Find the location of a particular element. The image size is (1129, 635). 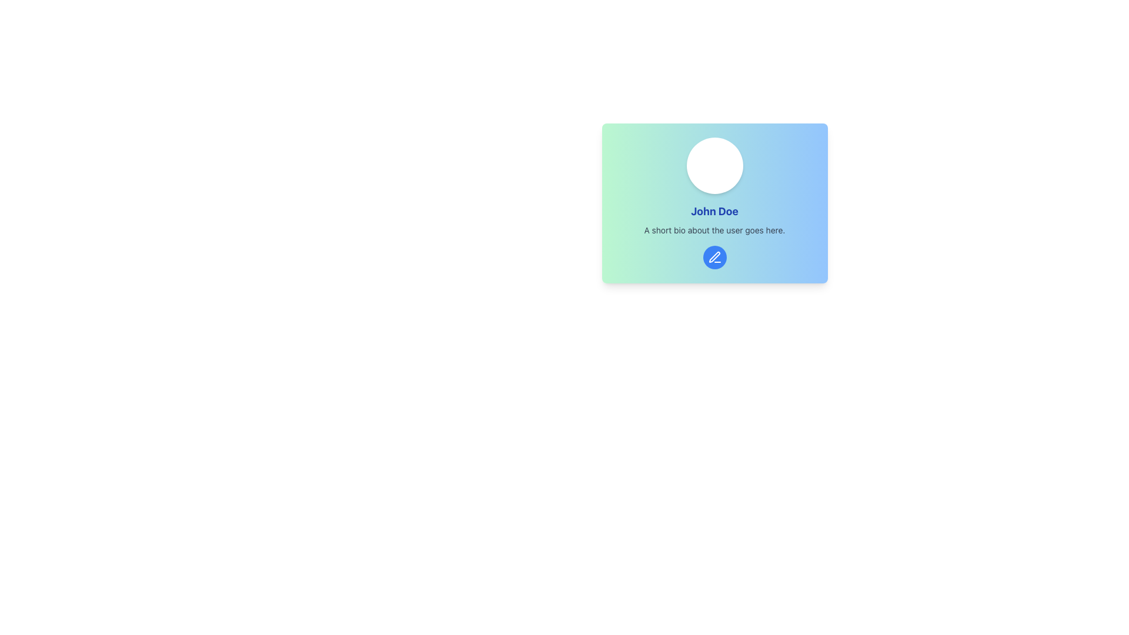

the text element displaying a short biography, positioned below the name 'John Doe' and above a circular button is located at coordinates (714, 230).